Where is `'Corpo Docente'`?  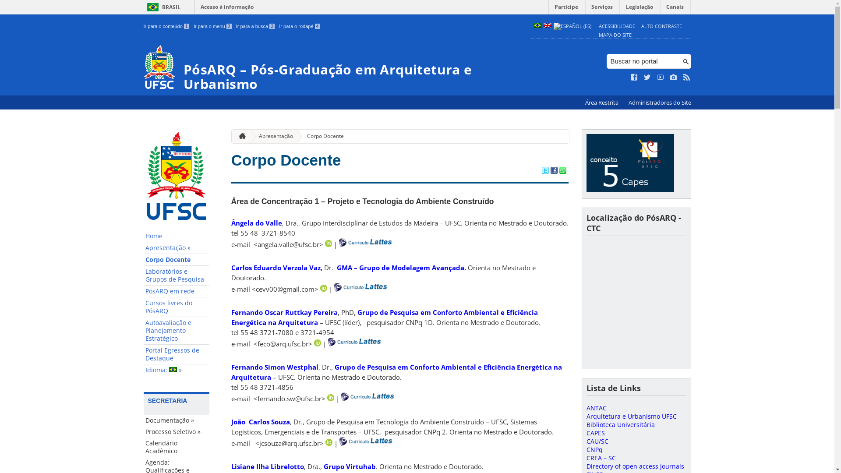
'Corpo Docente' is located at coordinates (143, 259).